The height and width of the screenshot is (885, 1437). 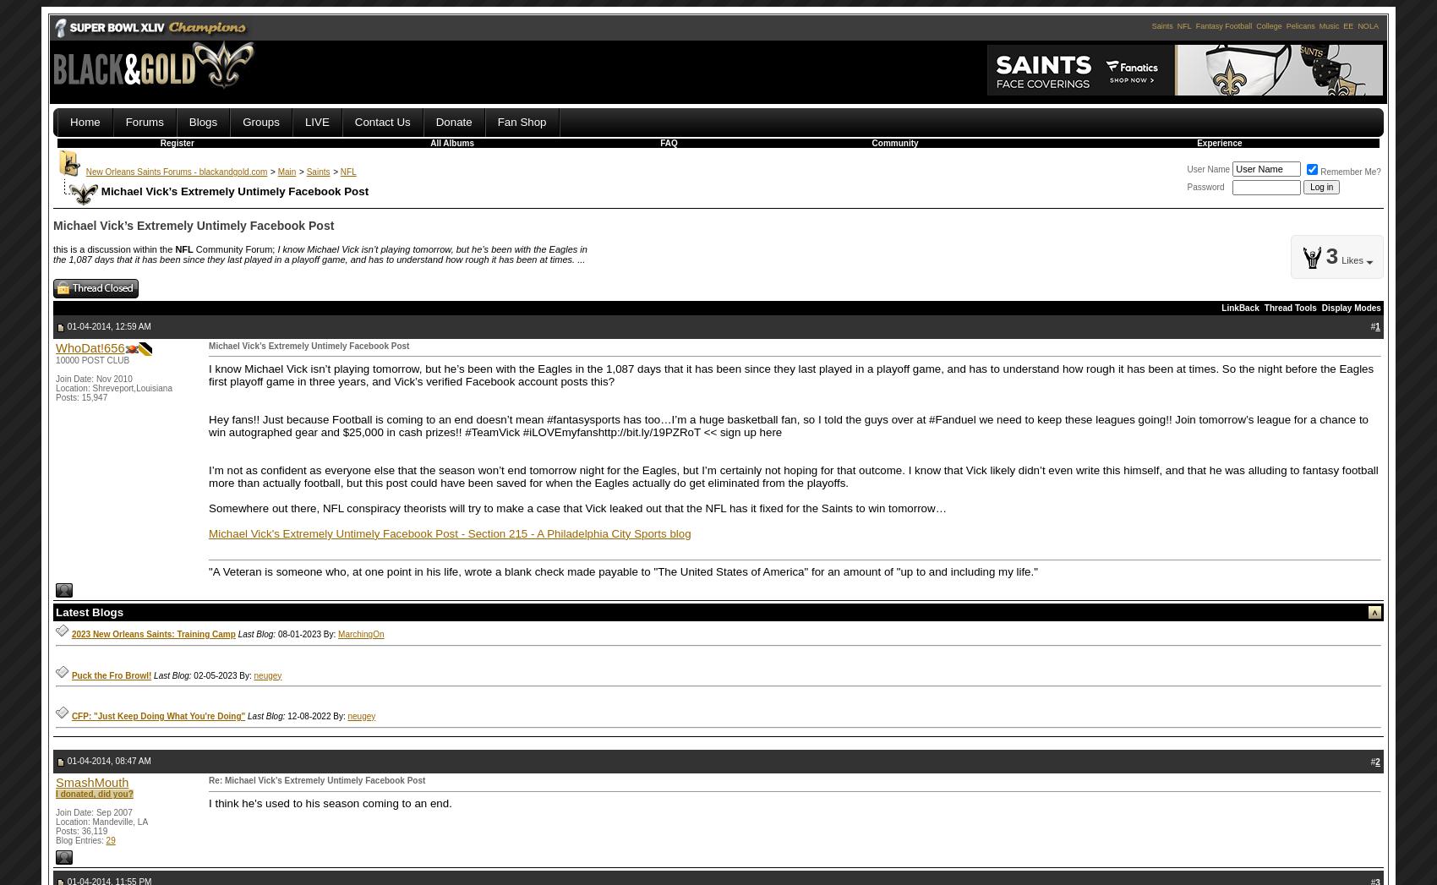 What do you see at coordinates (175, 171) in the screenshot?
I see `'New Orleans Saints Forums - blackandgold.com'` at bounding box center [175, 171].